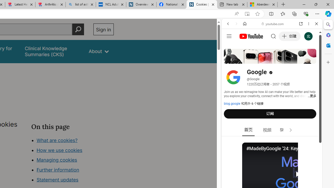  What do you see at coordinates (232, 104) in the screenshot?
I see `'blog.google'` at bounding box center [232, 104].